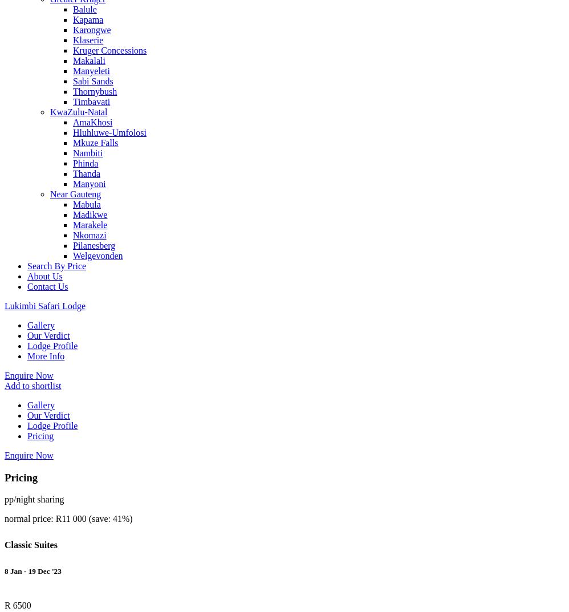  What do you see at coordinates (75, 194) in the screenshot?
I see `'Near Gauteng'` at bounding box center [75, 194].